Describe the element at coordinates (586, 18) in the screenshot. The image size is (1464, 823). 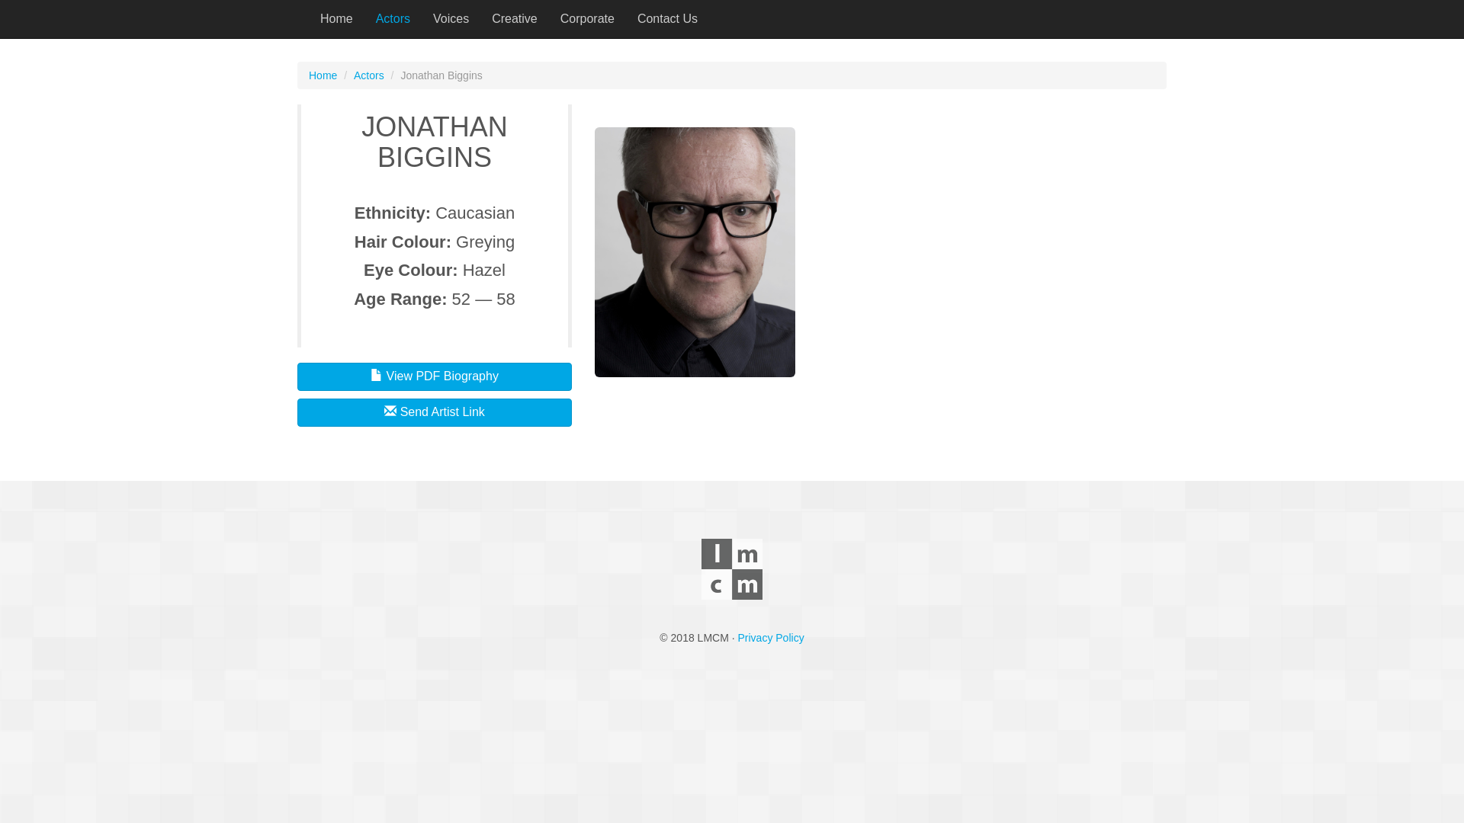
I see `'Corporate'` at that location.